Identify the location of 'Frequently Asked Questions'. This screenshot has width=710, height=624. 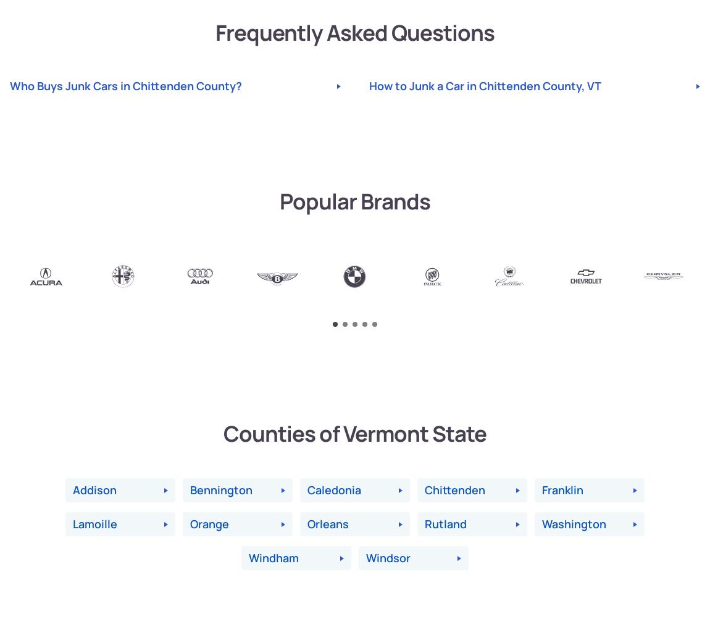
(355, 32).